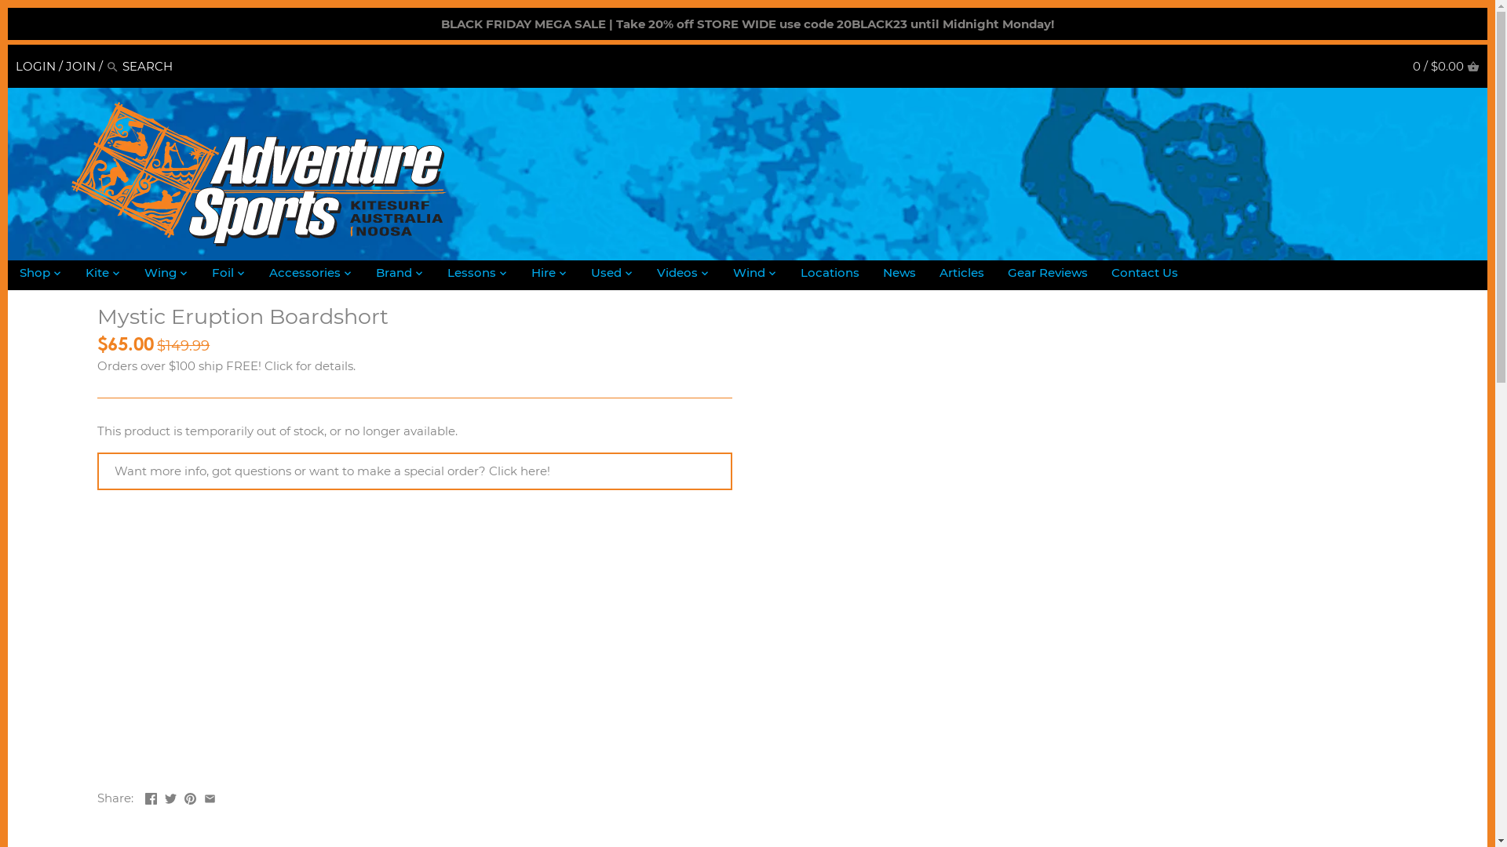 The width and height of the screenshot is (1507, 847). Describe the element at coordinates (994, 274) in the screenshot. I see `'Gear Reviews'` at that location.